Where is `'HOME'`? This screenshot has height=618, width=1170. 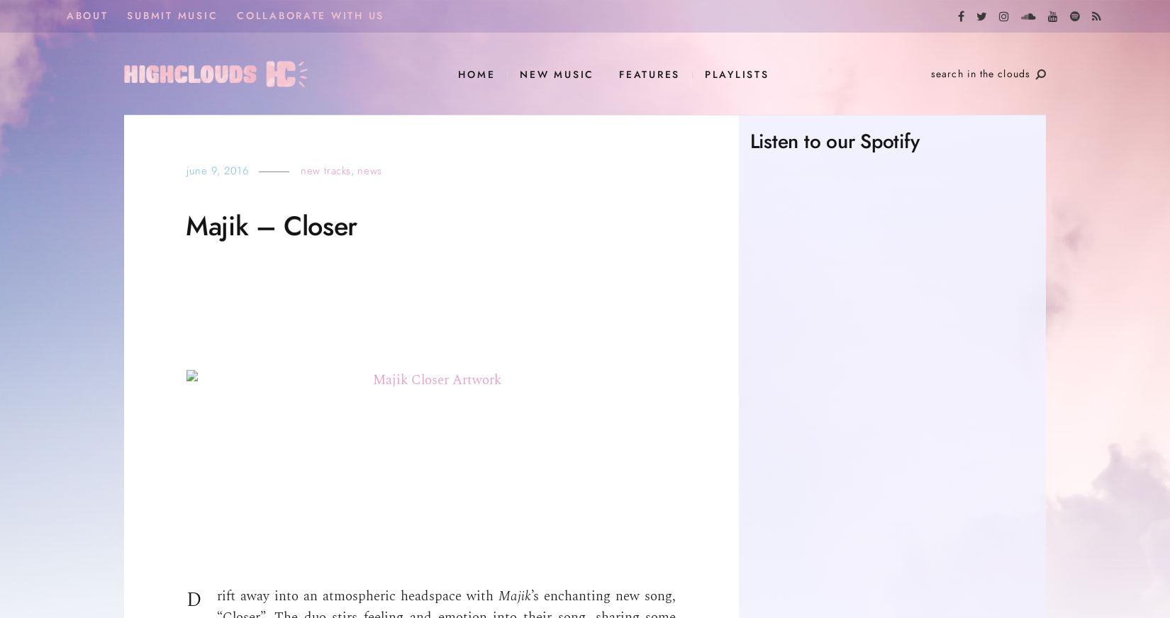
'HOME' is located at coordinates (476, 73).